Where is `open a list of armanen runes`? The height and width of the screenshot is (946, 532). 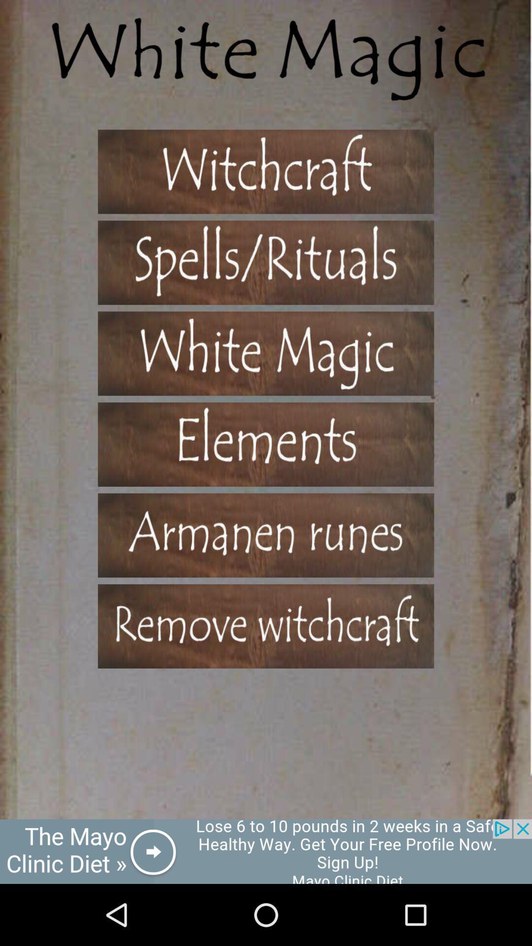
open a list of armanen runes is located at coordinates (266, 535).